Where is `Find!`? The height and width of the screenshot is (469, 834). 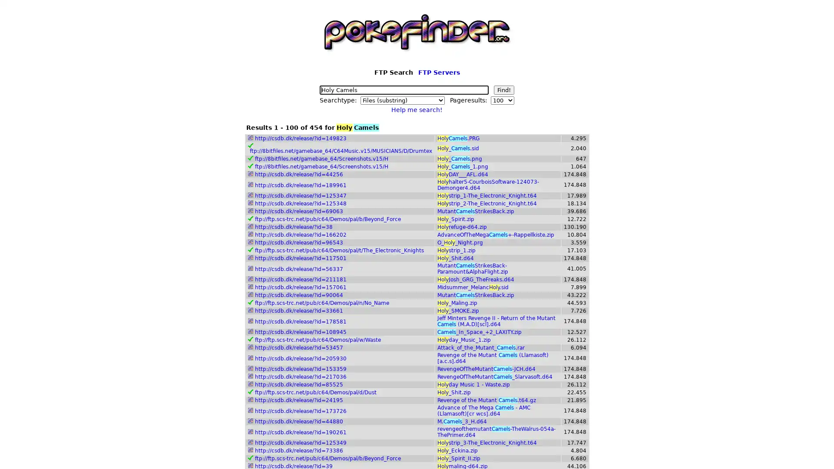 Find! is located at coordinates (504, 90).